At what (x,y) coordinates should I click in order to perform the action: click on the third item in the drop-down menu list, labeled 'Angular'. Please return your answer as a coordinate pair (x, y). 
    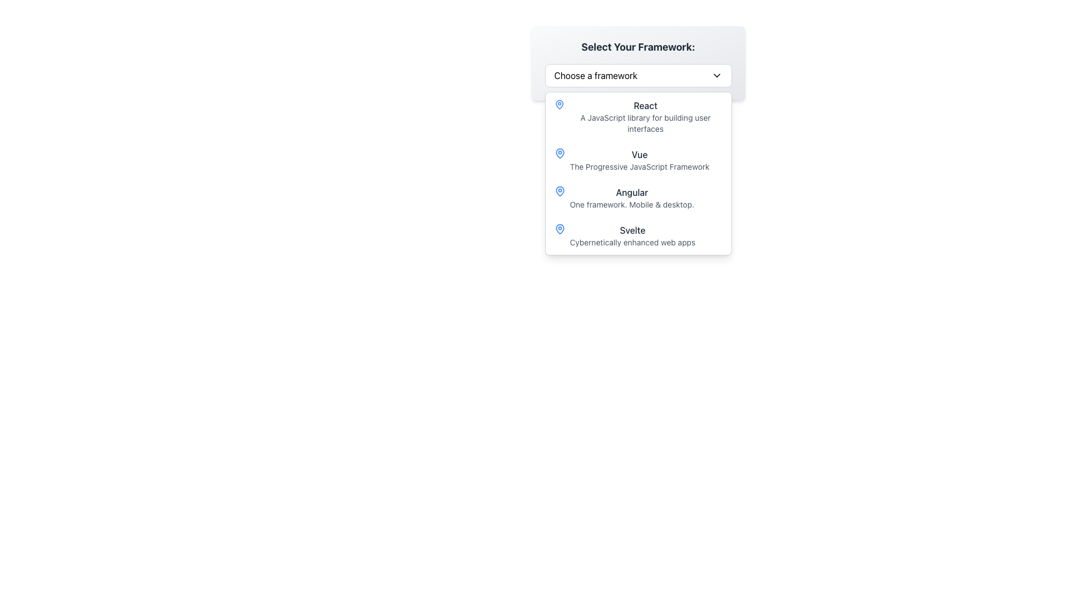
    Looking at the image, I should click on (638, 197).